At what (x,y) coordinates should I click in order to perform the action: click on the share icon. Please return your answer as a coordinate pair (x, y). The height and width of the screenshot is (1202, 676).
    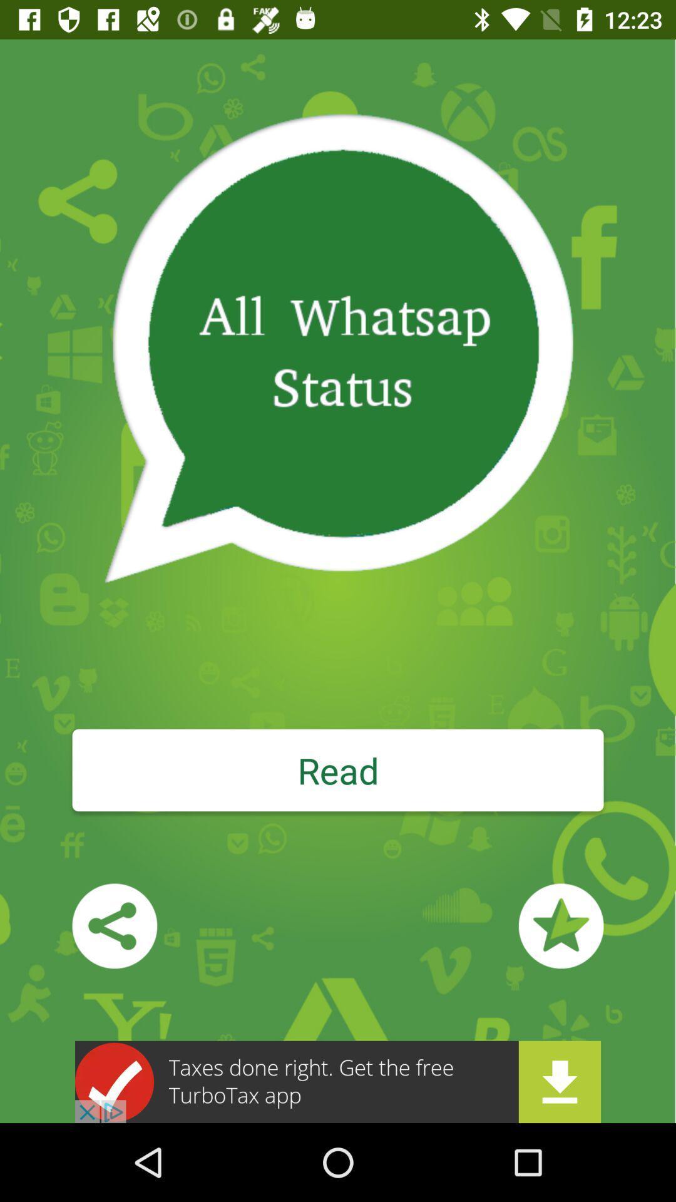
    Looking at the image, I should click on (115, 926).